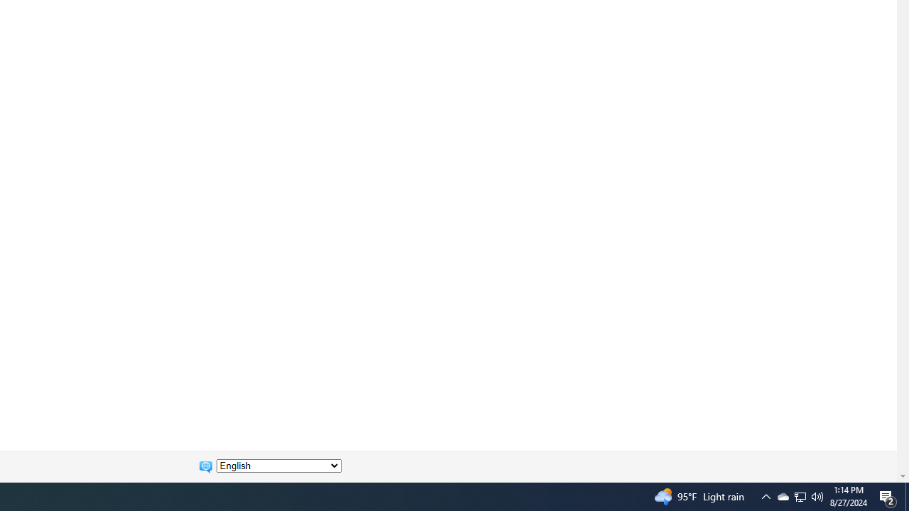  What do you see at coordinates (278, 466) in the screenshot?
I see `'Change language:'` at bounding box center [278, 466].